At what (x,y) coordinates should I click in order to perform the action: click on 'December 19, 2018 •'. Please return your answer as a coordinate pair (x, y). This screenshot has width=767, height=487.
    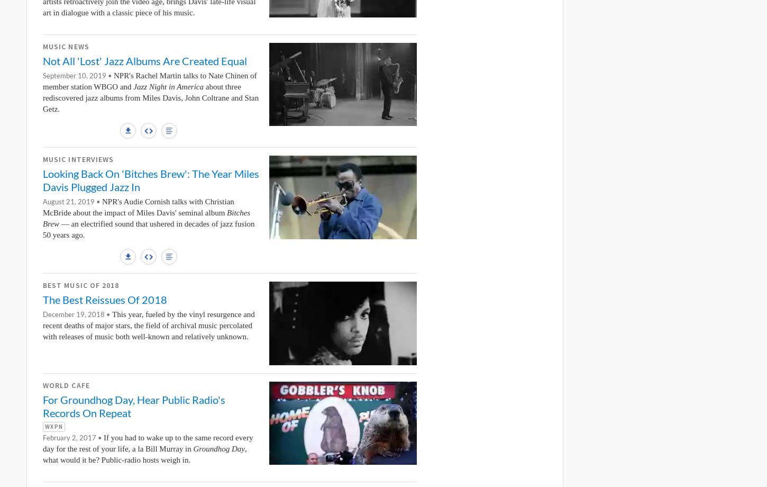
    Looking at the image, I should click on (77, 314).